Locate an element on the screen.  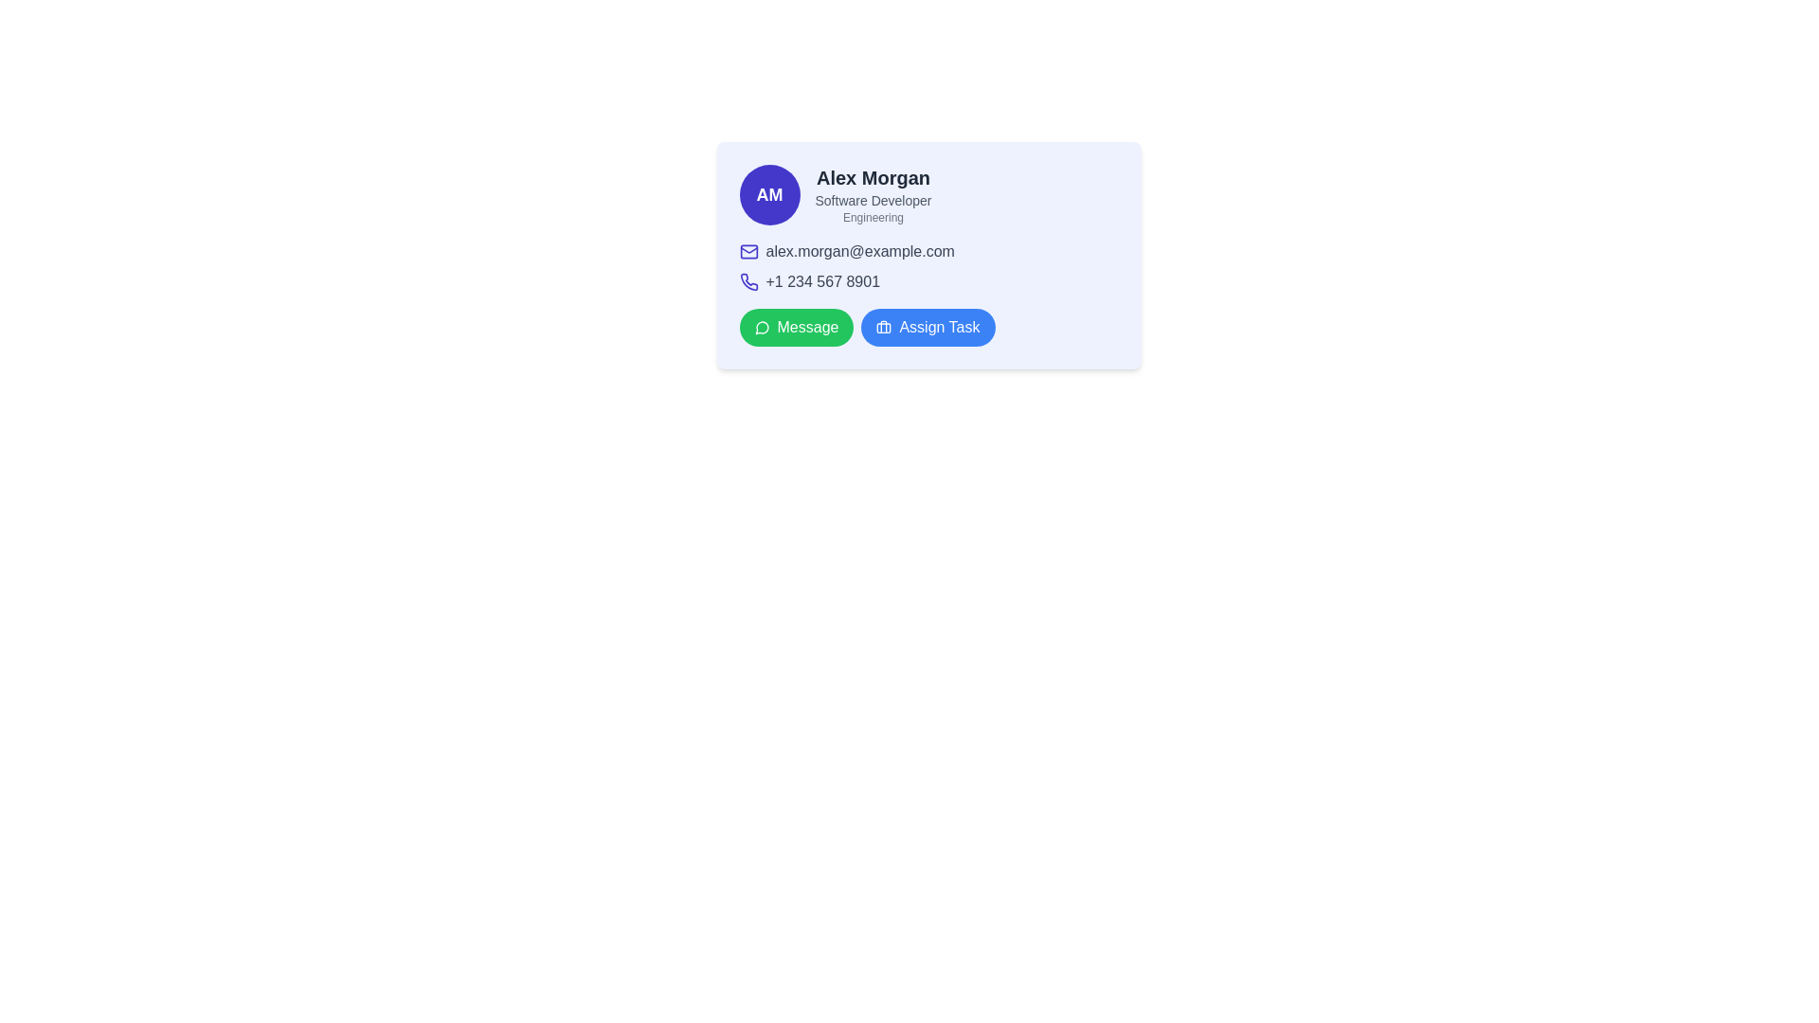
the Static Text Label displaying 'Software Developer', which is styled in a smaller gray font, positioned beneath 'Alex Morgan' and above 'Engineering' is located at coordinates (872, 201).